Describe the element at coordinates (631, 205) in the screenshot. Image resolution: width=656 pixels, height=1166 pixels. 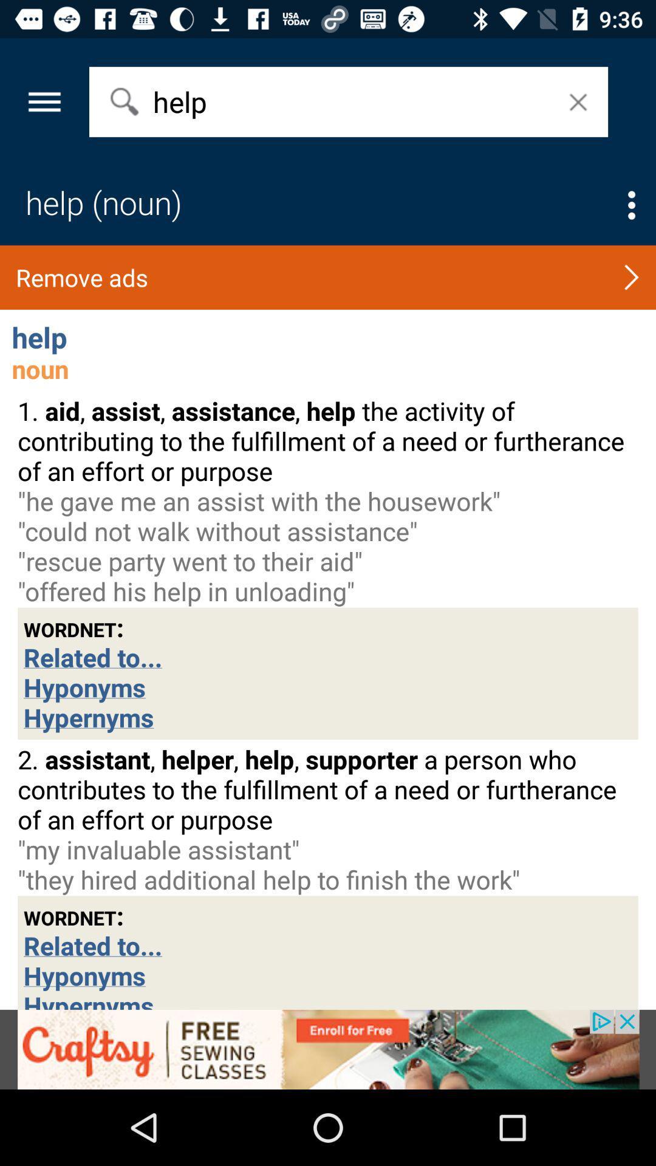
I see `options select` at that location.